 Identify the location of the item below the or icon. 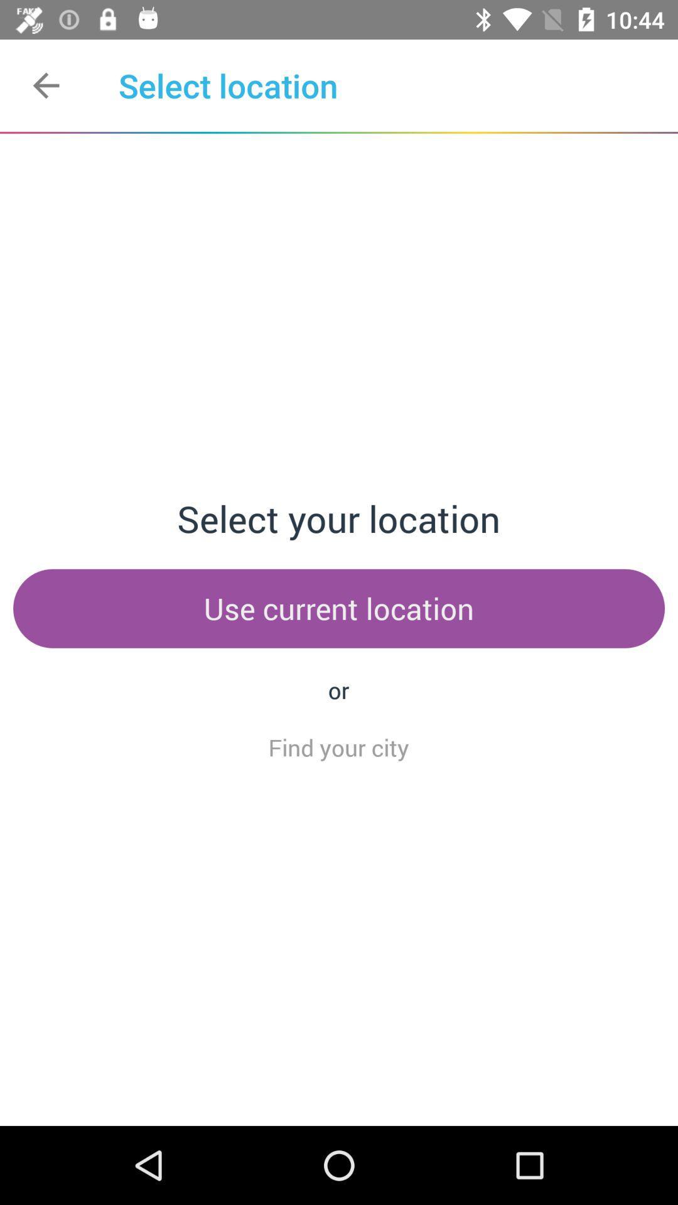
(338, 747).